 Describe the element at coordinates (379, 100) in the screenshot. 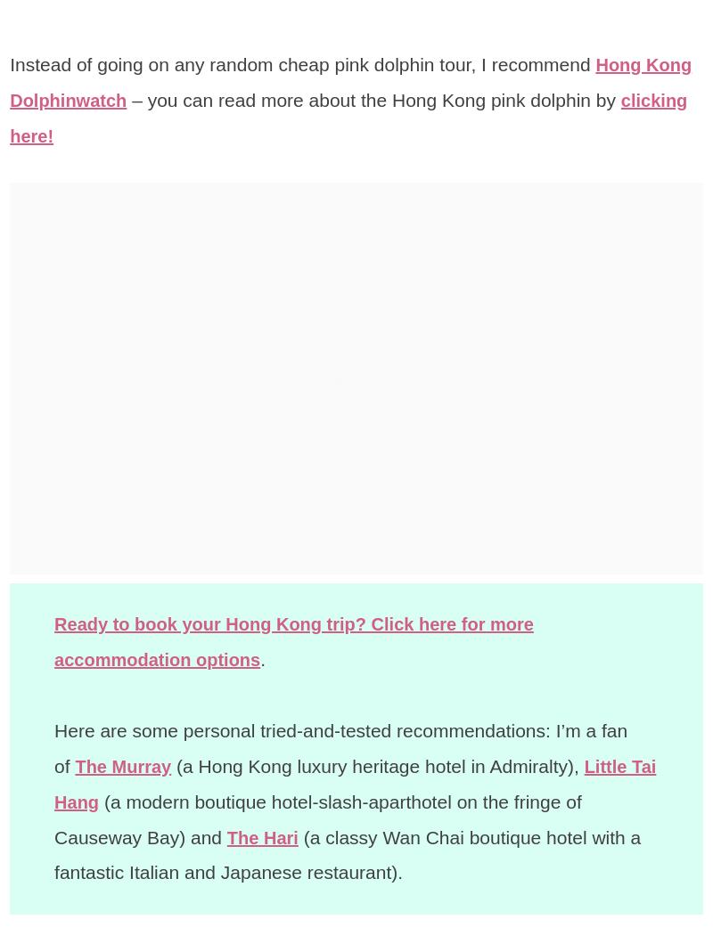

I see `'– you can read more about the Hong Kong pink dolphin by'` at that location.